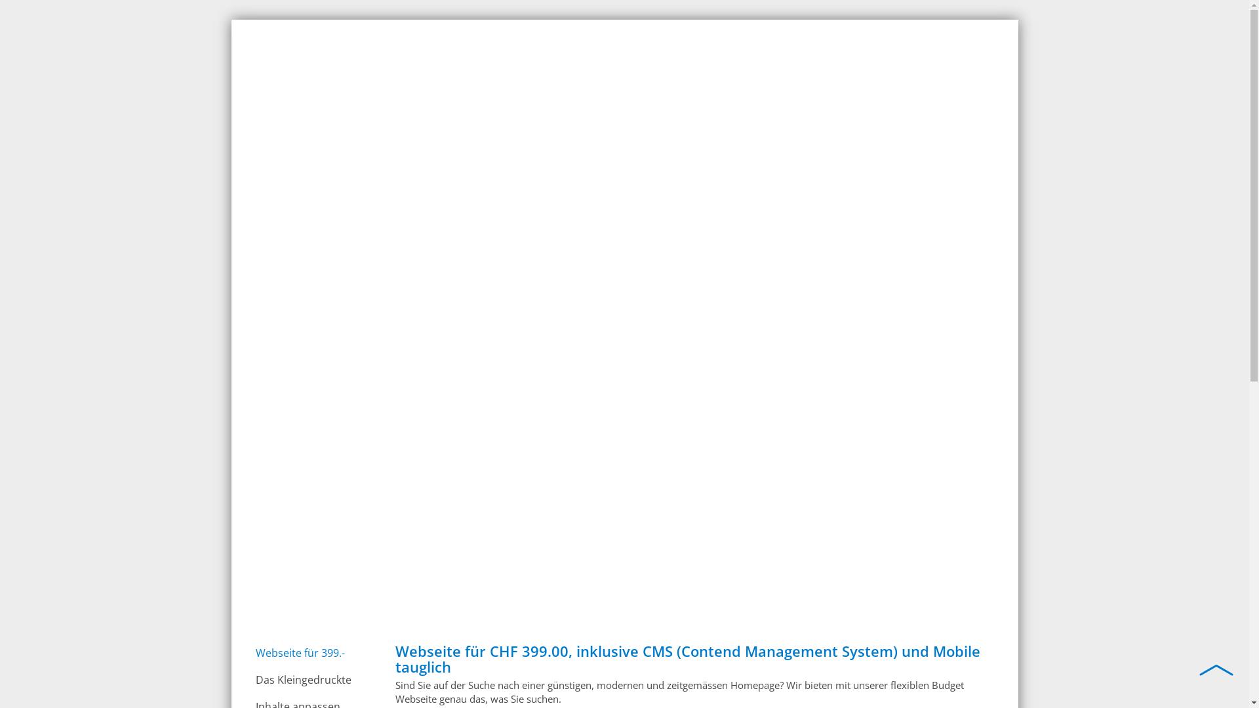 This screenshot has height=708, width=1259. Describe the element at coordinates (313, 679) in the screenshot. I see `'Das Kleingedruckte'` at that location.